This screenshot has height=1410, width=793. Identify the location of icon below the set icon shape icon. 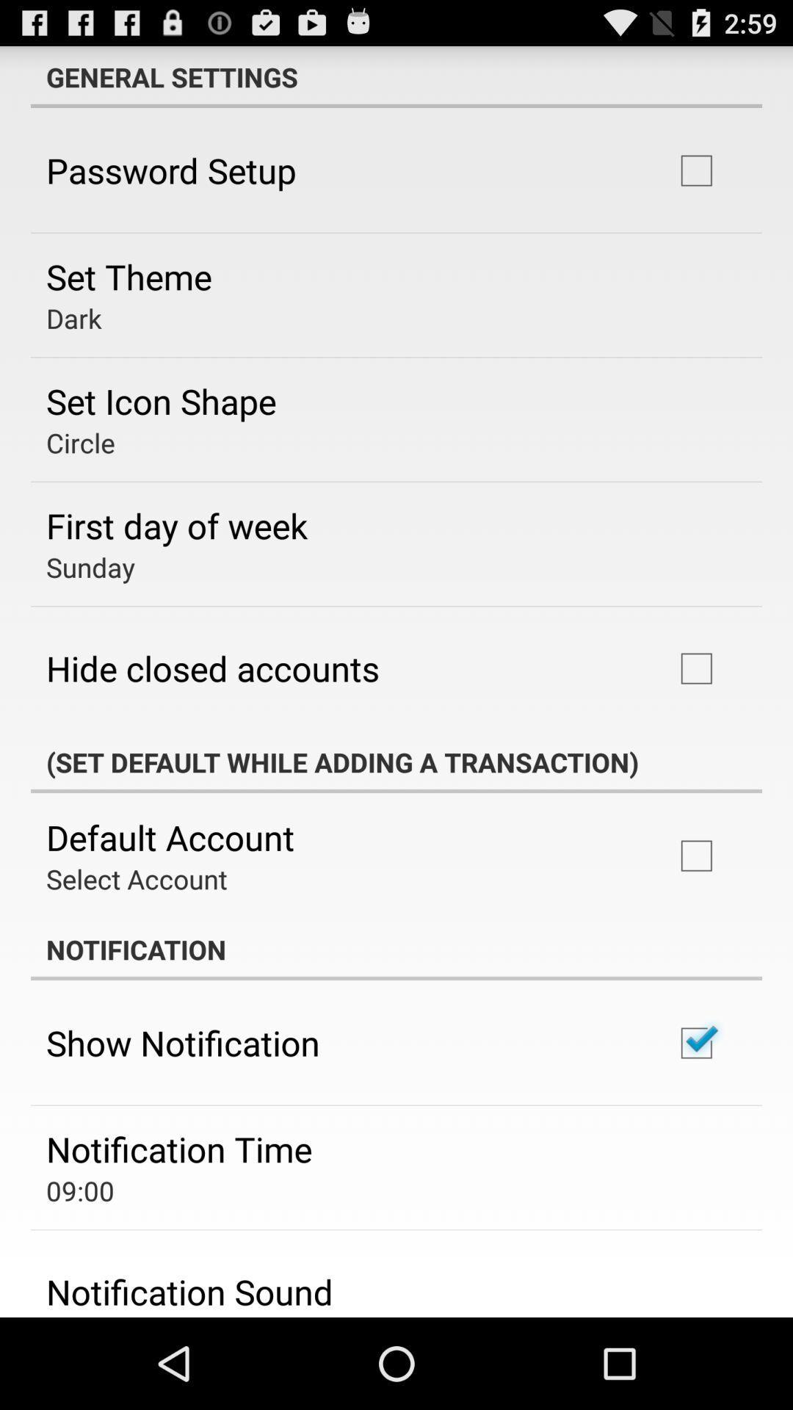
(80, 442).